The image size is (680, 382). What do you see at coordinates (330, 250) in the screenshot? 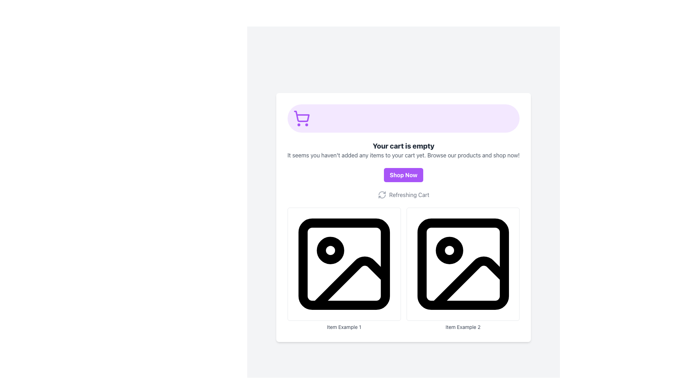
I see `the small circular dot icon located in the top-left corner of the first image placeholder within the central section of the user interface` at bounding box center [330, 250].